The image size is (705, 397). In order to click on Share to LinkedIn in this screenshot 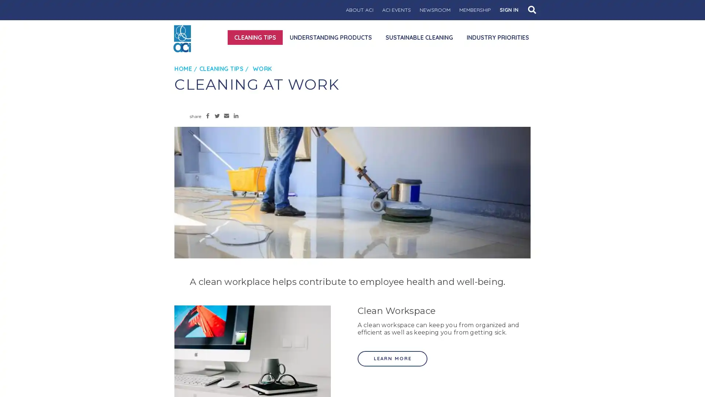, I will do `click(234, 116)`.